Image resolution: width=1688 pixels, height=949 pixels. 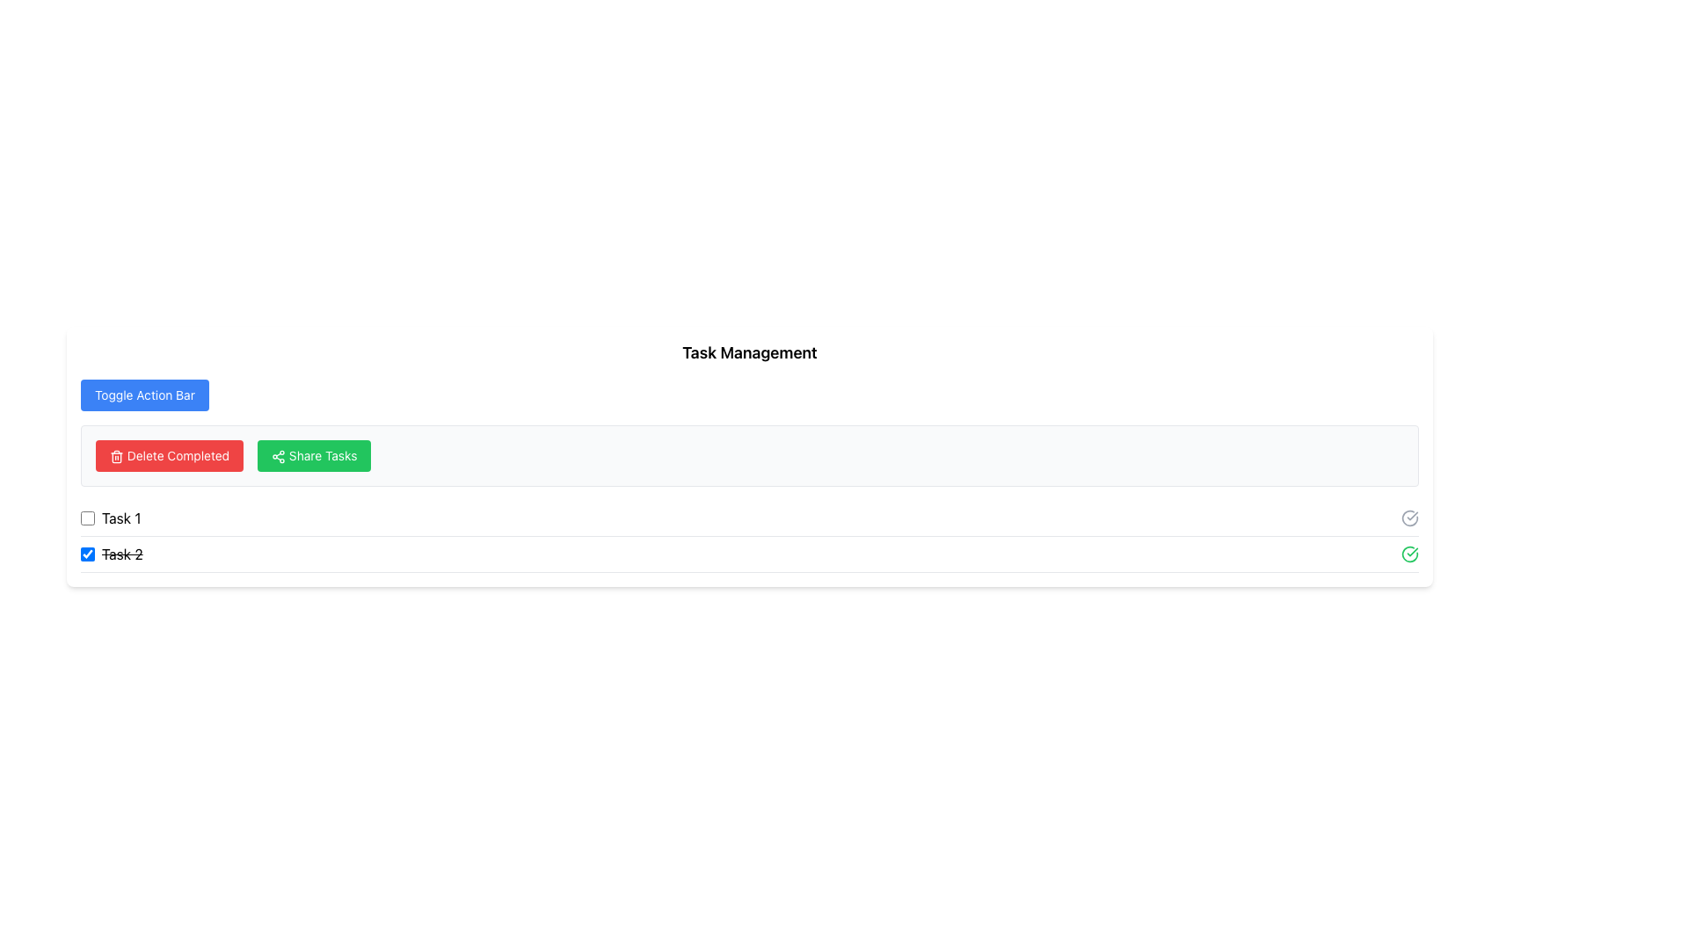 What do you see at coordinates (750, 535) in the screenshot?
I see `and drop the task list element, which includes 'Task 1' and 'Task 2'` at bounding box center [750, 535].